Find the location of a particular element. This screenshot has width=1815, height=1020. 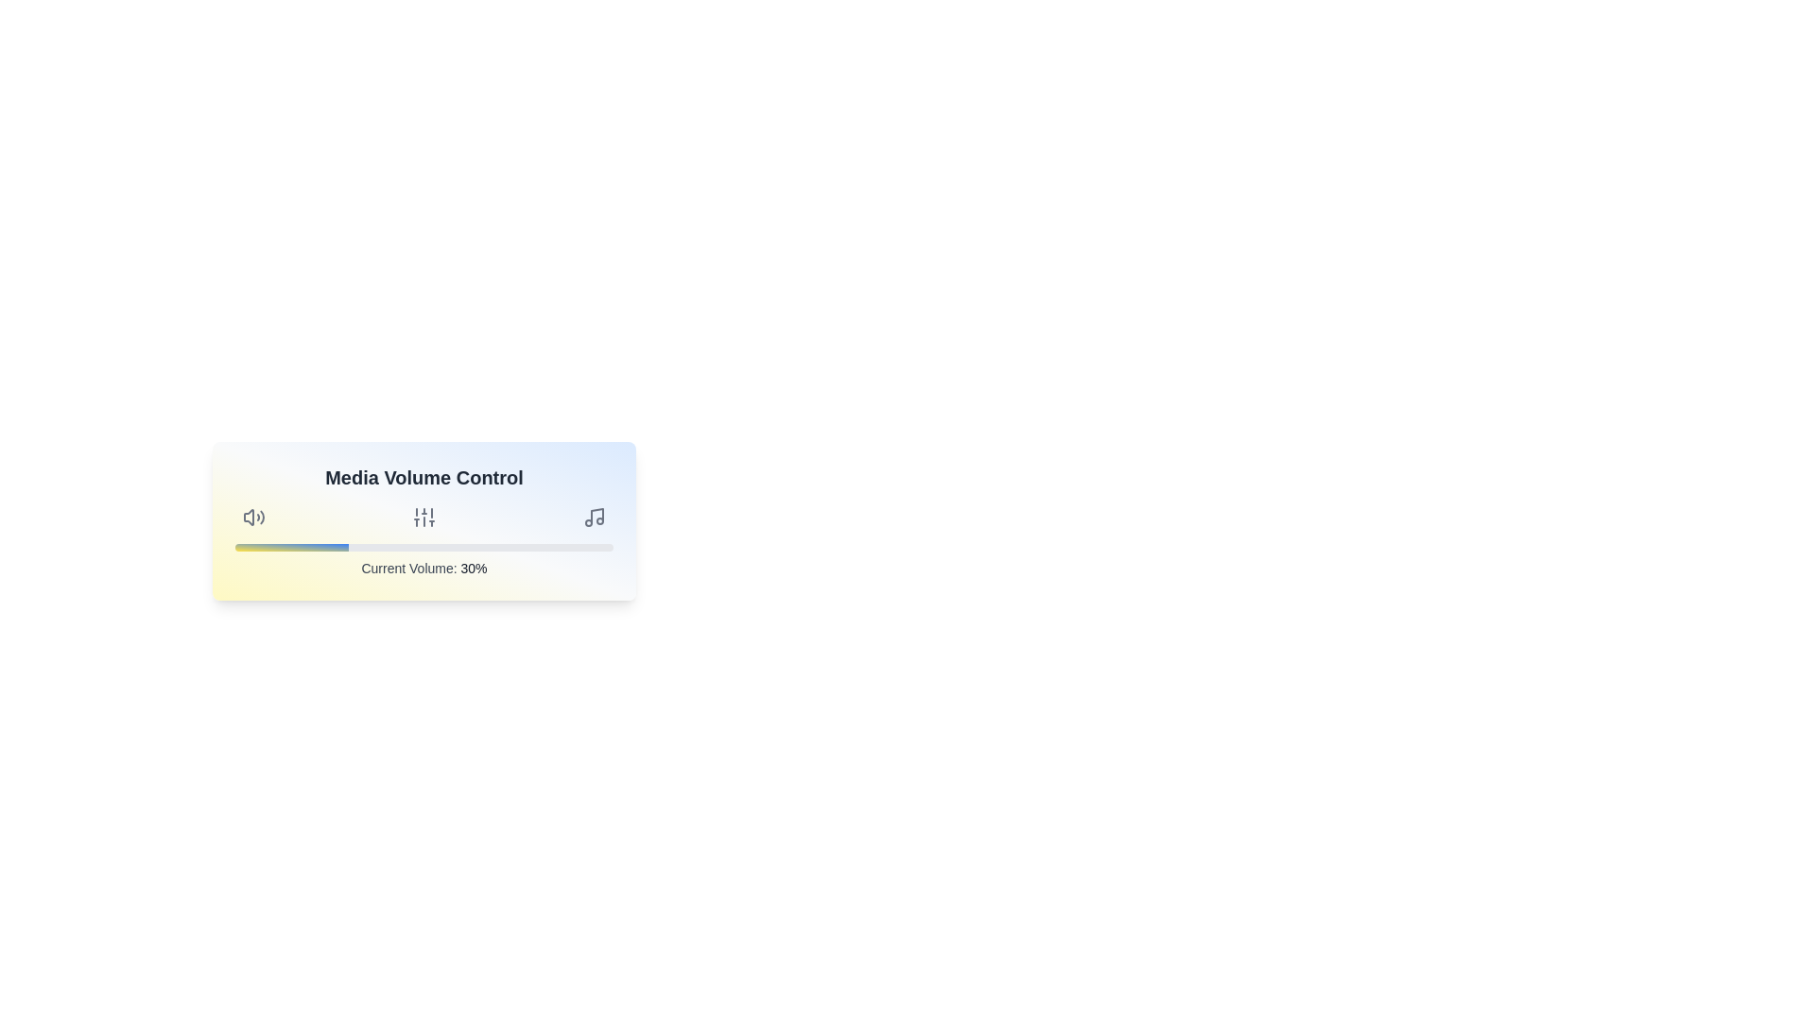

the volume is located at coordinates (616, 547).